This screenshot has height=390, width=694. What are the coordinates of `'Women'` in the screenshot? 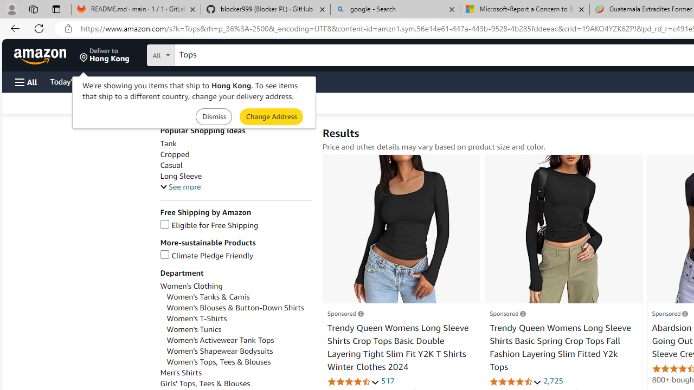 It's located at (196, 318).